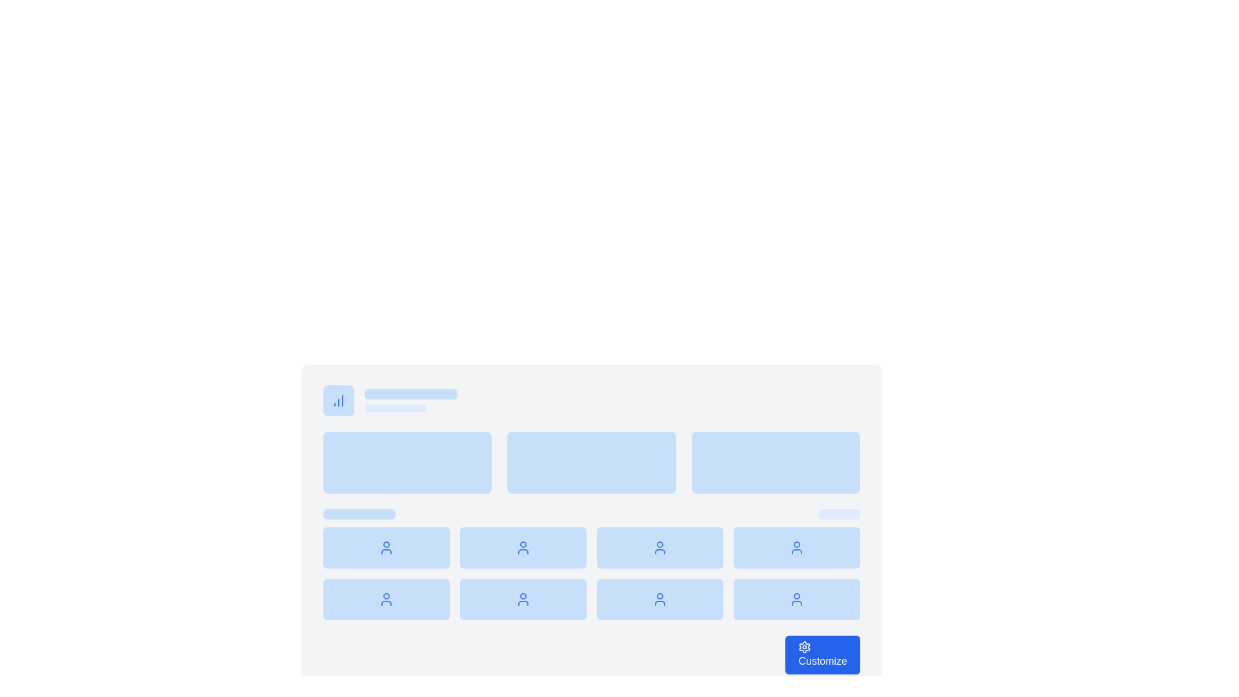  Describe the element at coordinates (410, 400) in the screenshot. I see `the loading placeholder located centrally beneath the main heading area, after it has finished loading` at that location.